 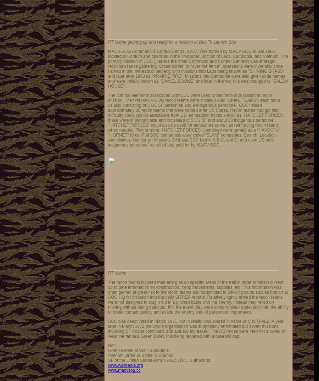 What do you see at coordinates (171, 42) in the screenshot?
I see `'RT Maine gearing up and ready for a mission at Dak To Launch Site'` at bounding box center [171, 42].